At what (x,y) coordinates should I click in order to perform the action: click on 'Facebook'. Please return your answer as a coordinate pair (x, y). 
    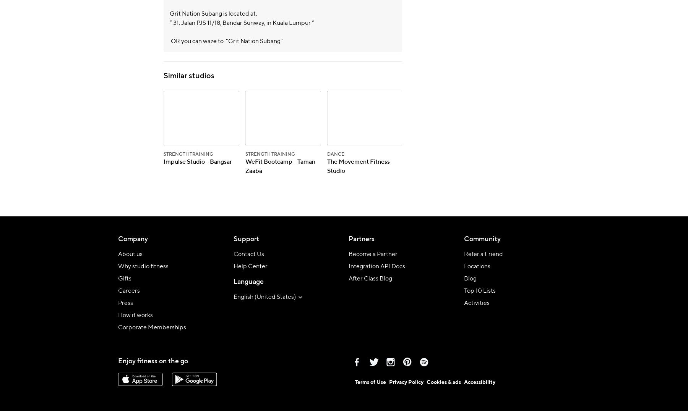
    Looking at the image, I should click on (383, 359).